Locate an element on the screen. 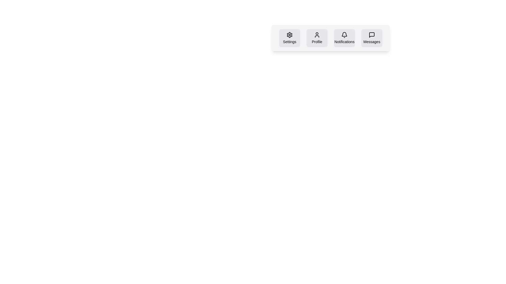 The height and width of the screenshot is (284, 506). the profile settings button, which is located to the immediate right of the 'Settings' button and to the left of the 'Notifications' button is located at coordinates (317, 38).